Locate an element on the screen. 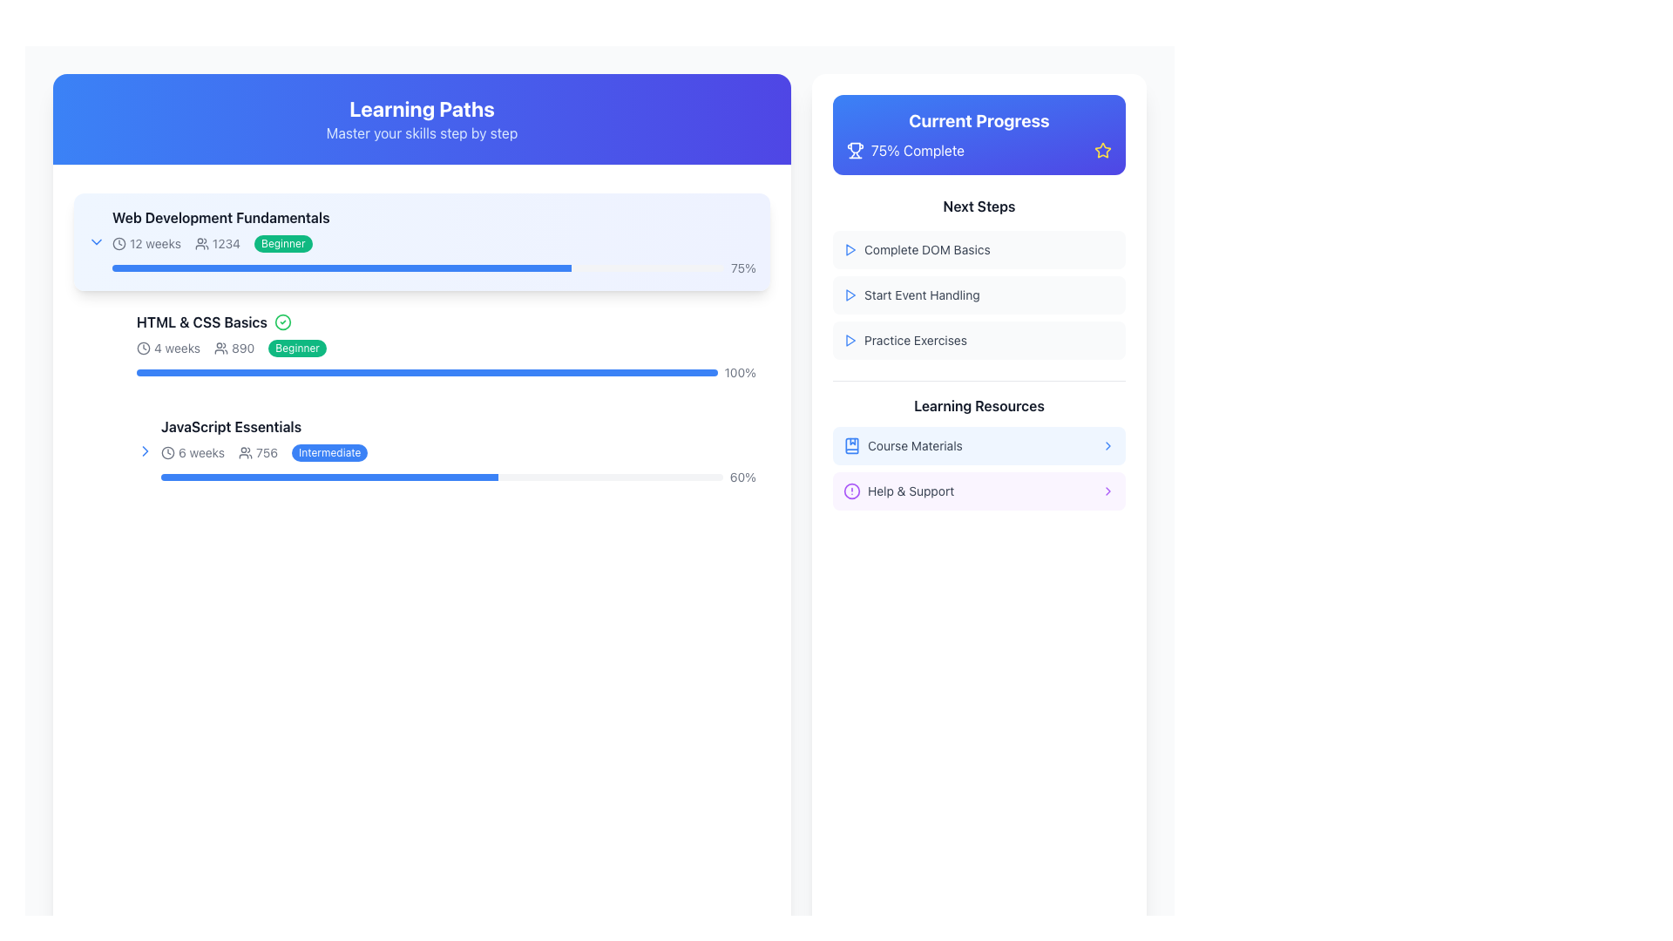 This screenshot has width=1673, height=941. the 'Next Steps' text label, which is bold and dark gray, located at the top of the 'Current Progress' panel is located at coordinates (979, 205).